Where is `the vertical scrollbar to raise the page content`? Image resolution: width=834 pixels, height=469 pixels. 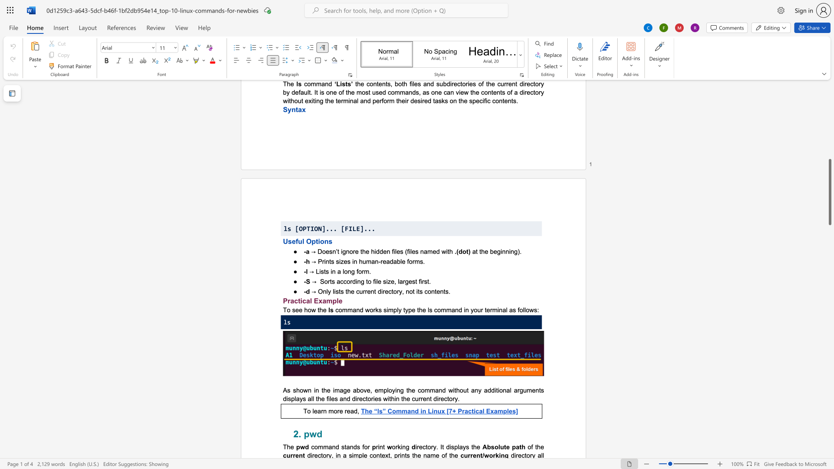 the vertical scrollbar to raise the page content is located at coordinates (829, 199).